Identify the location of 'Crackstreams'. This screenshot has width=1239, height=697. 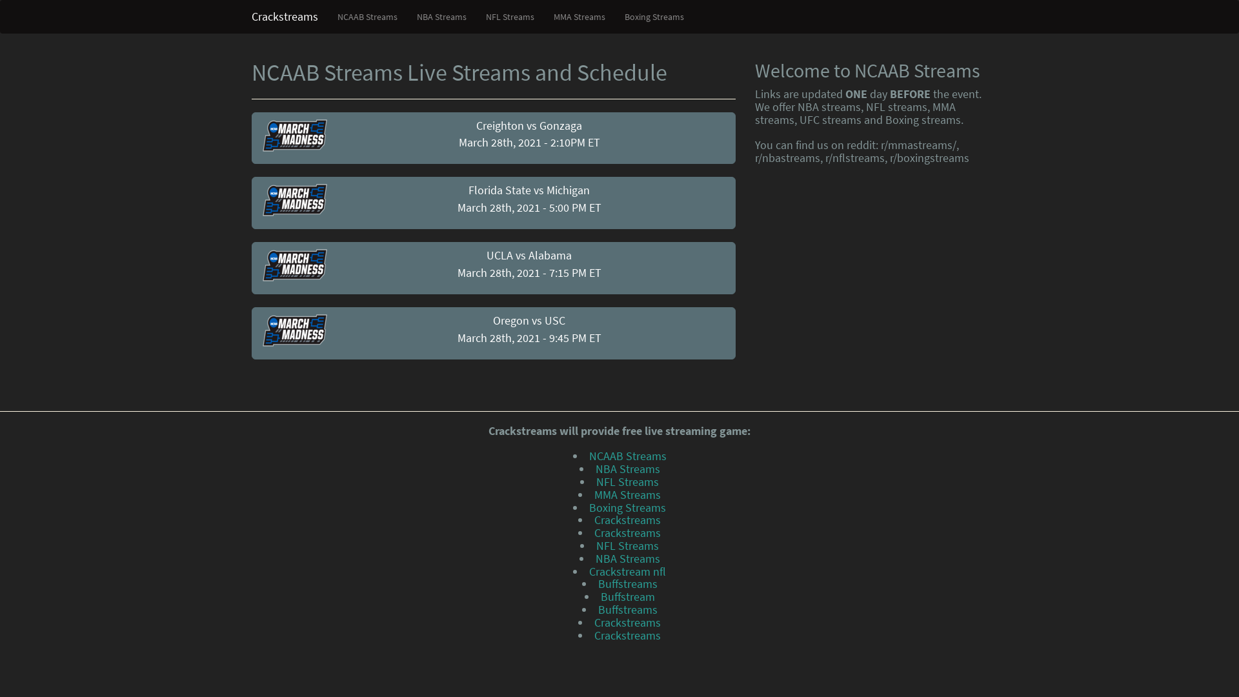
(627, 634).